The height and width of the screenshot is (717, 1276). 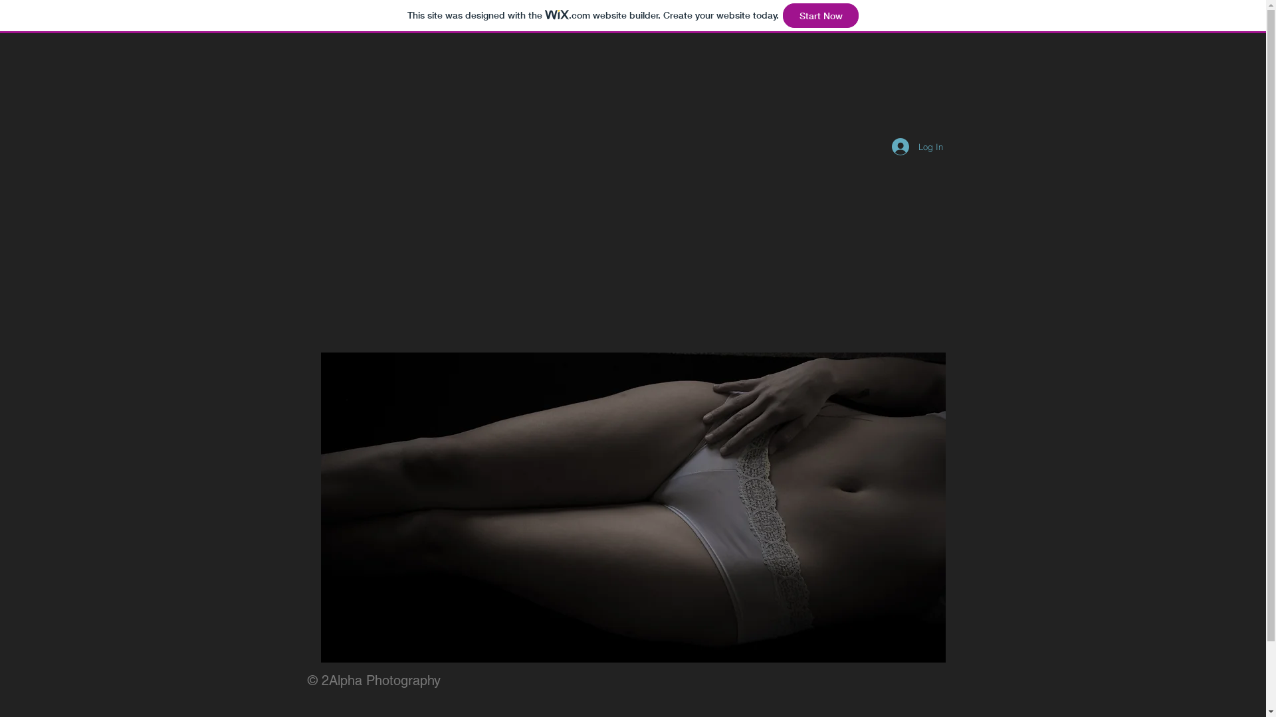 What do you see at coordinates (916, 146) in the screenshot?
I see `'Log In'` at bounding box center [916, 146].